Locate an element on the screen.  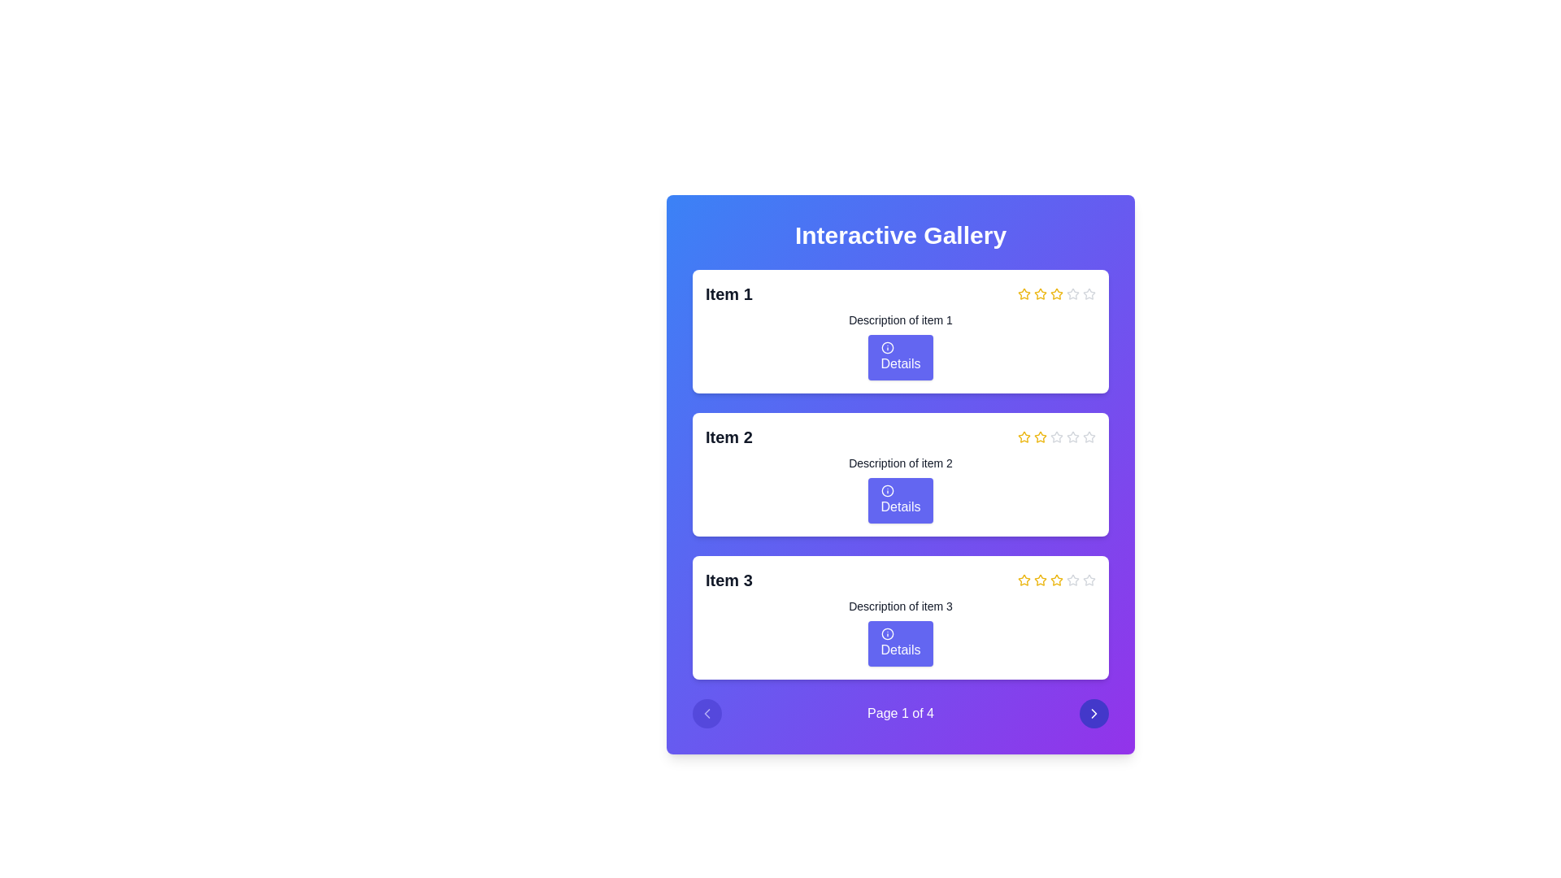
the star icon representing the first rating unit for 'Item 3' in the rating system is located at coordinates (1023, 579).